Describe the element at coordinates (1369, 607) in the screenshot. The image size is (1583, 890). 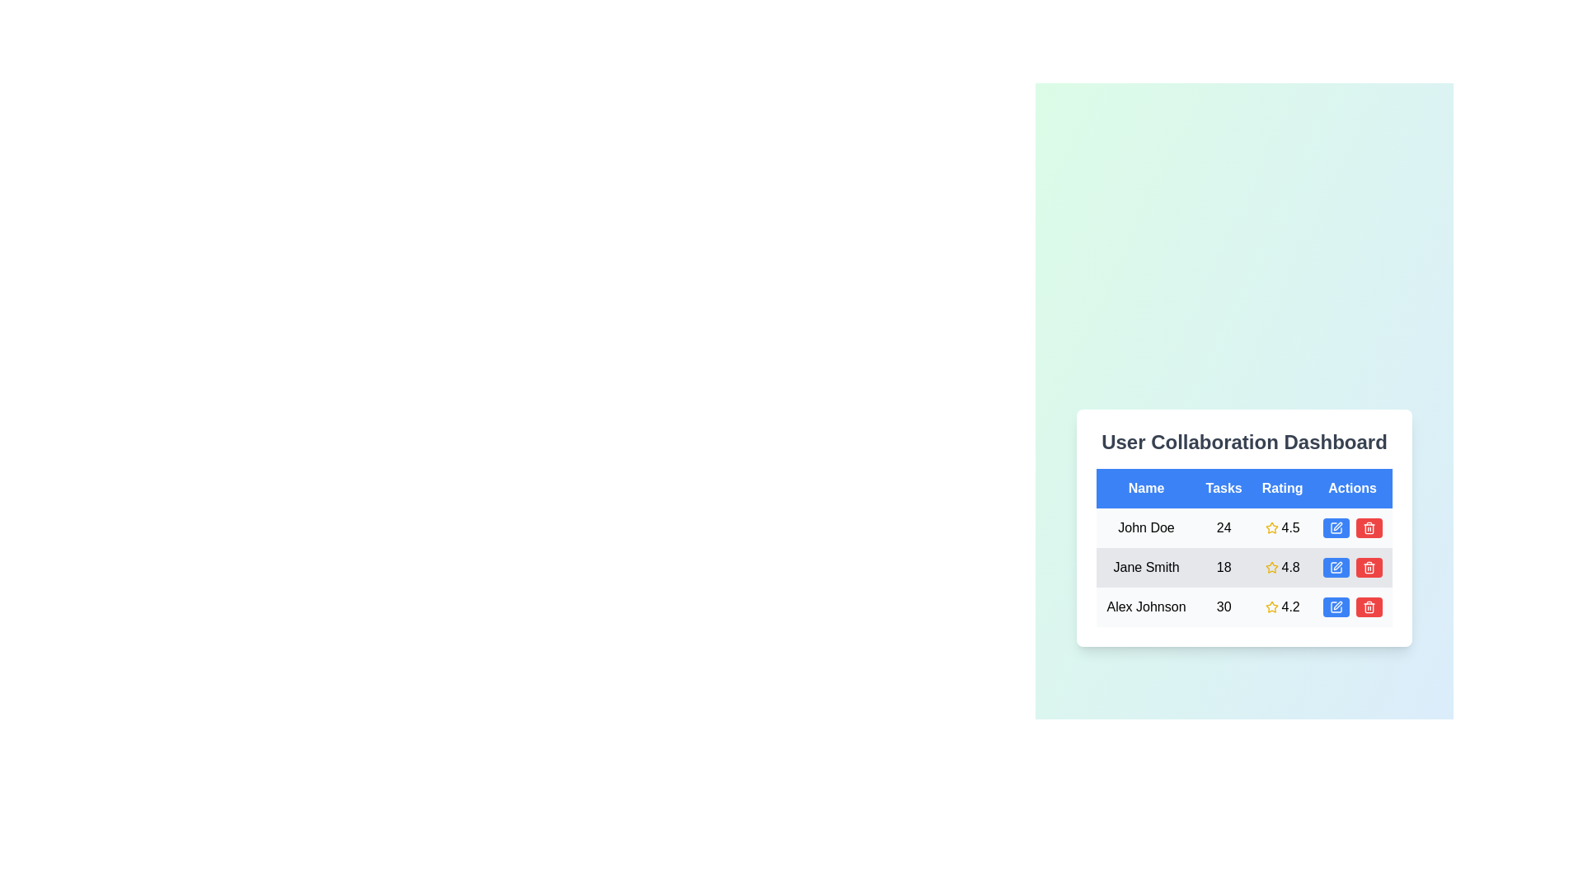
I see `the red-colored button with a trash can icon in the 'Actions' column of the last row of the User Collaboration Dashboard` at that location.